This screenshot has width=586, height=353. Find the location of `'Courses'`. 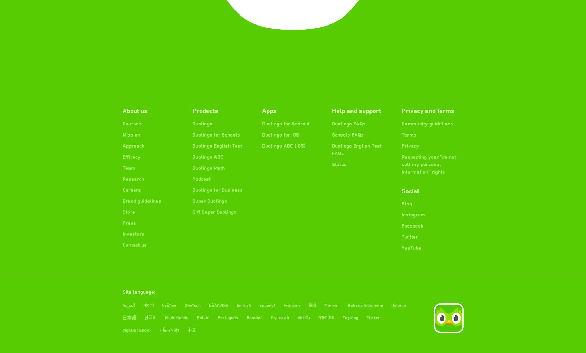

'Courses' is located at coordinates (132, 123).